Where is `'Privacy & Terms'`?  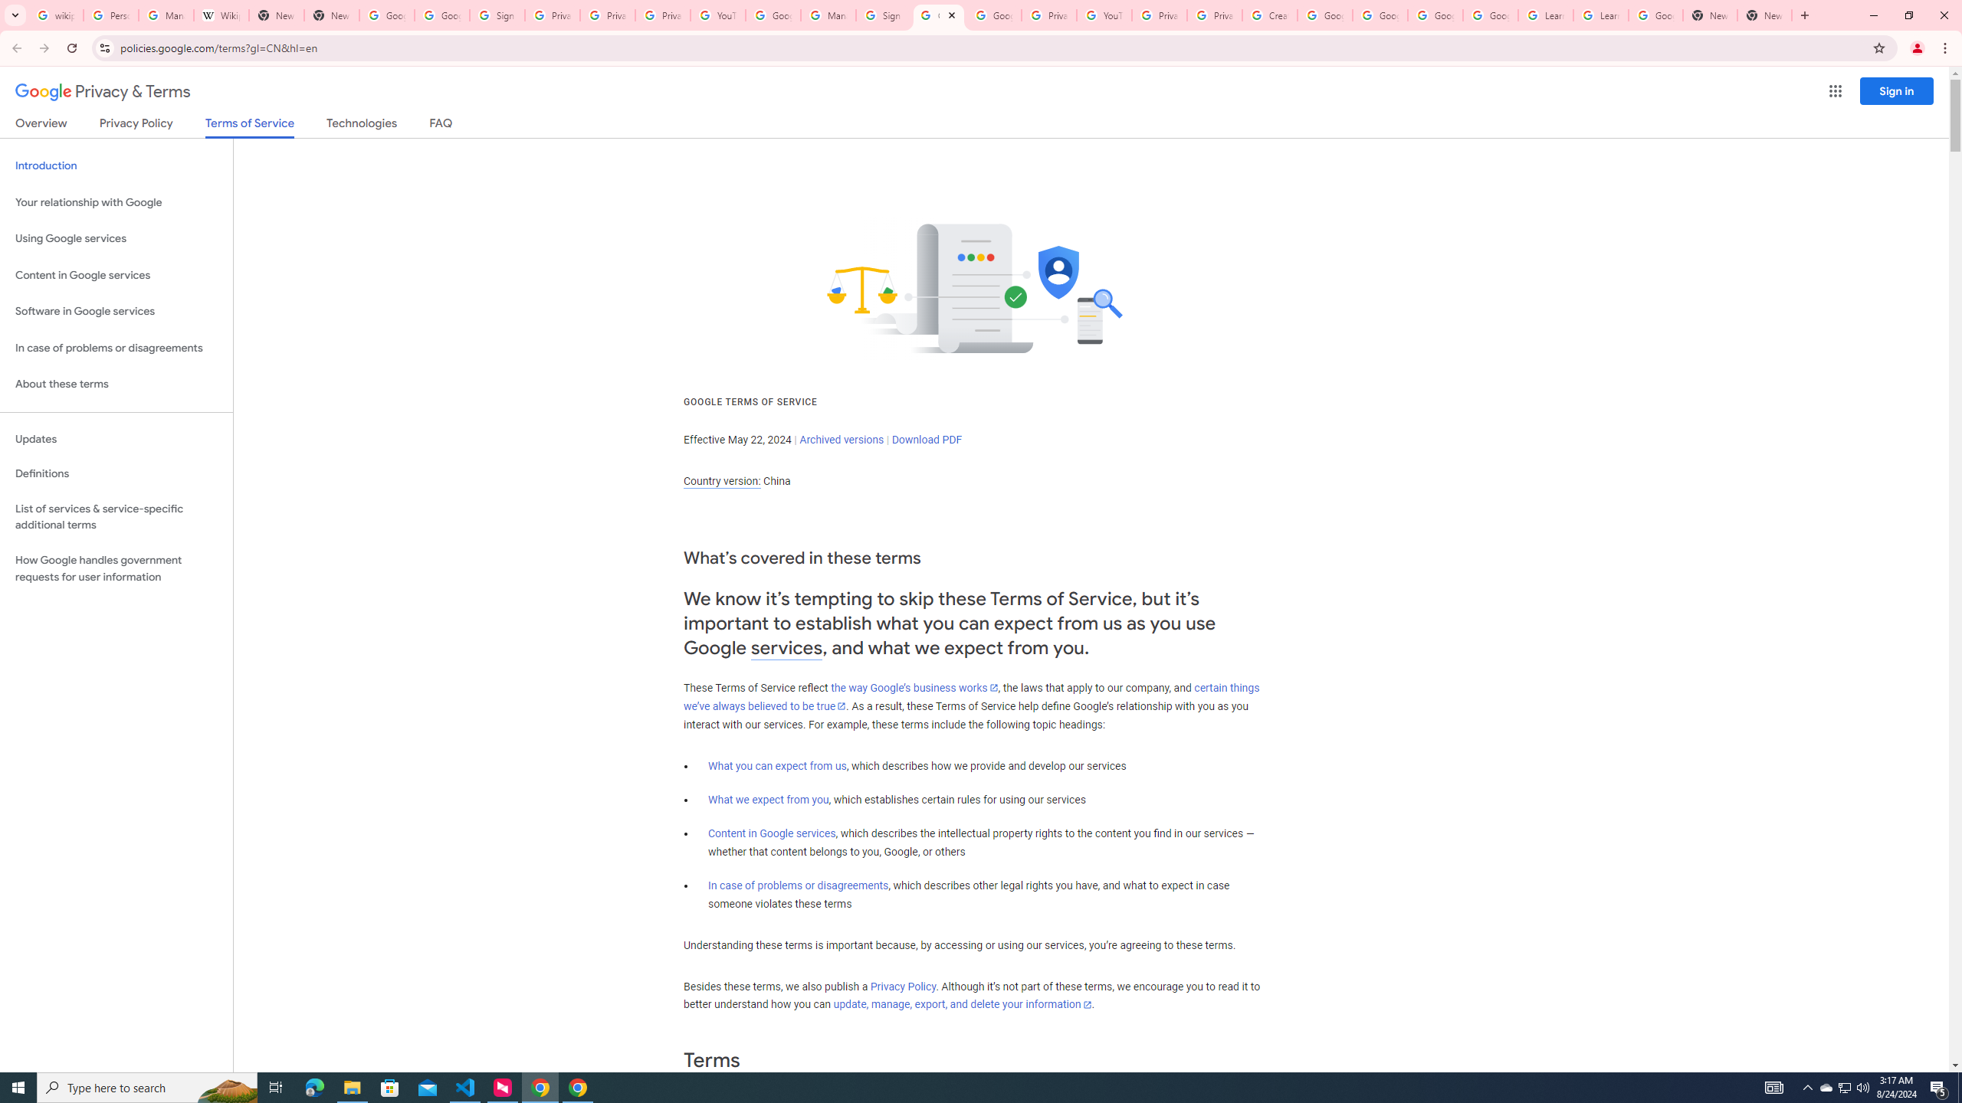
'Privacy & Terms' is located at coordinates (103, 91).